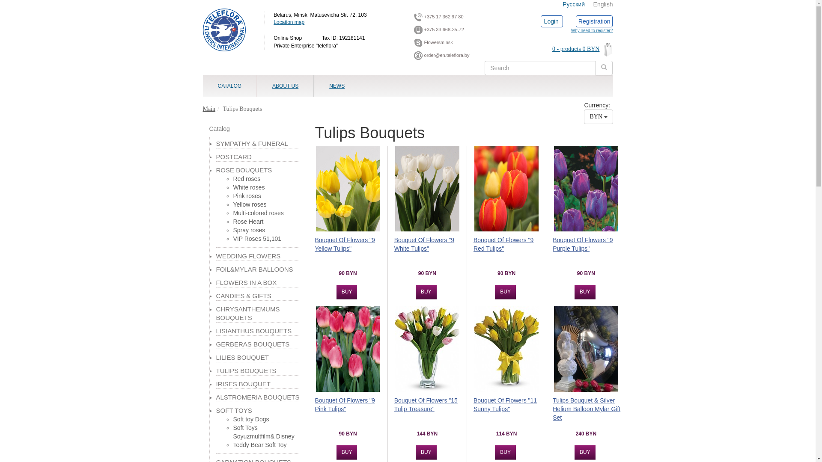 The image size is (822, 462). What do you see at coordinates (252, 344) in the screenshot?
I see `'GERBERAS BOUQUETS'` at bounding box center [252, 344].